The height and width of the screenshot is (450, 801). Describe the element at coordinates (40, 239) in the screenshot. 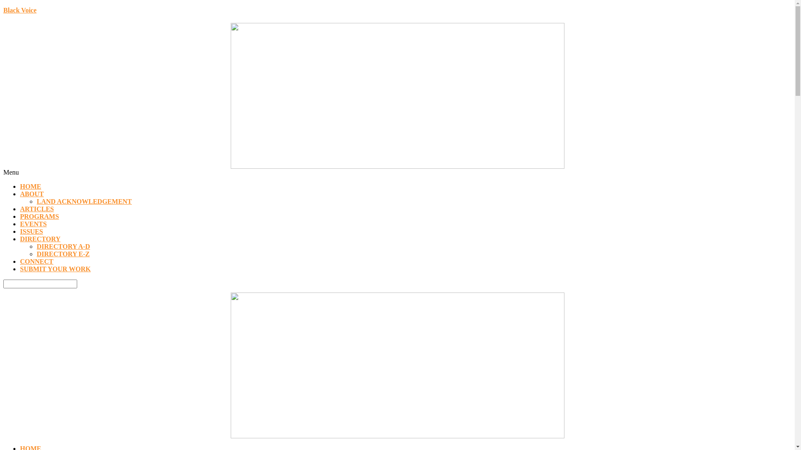

I see `'DIRECTORY'` at that location.